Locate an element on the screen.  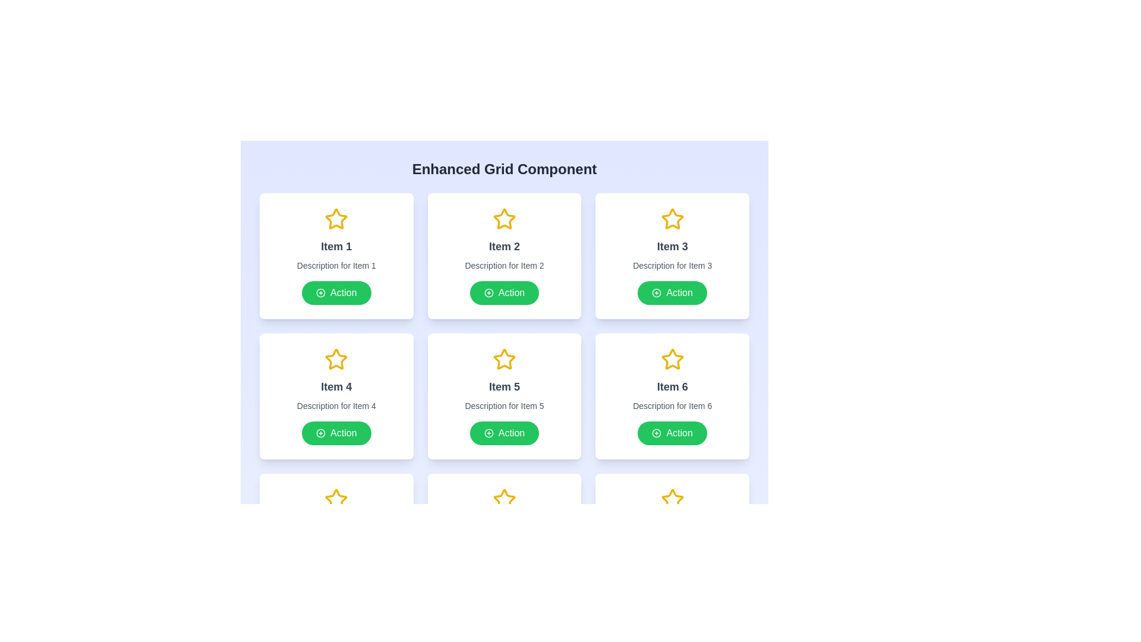
the 'Action' text label inside the green button located at the bottom-right of the third card in the second row of the grid layout is located at coordinates (679, 293).